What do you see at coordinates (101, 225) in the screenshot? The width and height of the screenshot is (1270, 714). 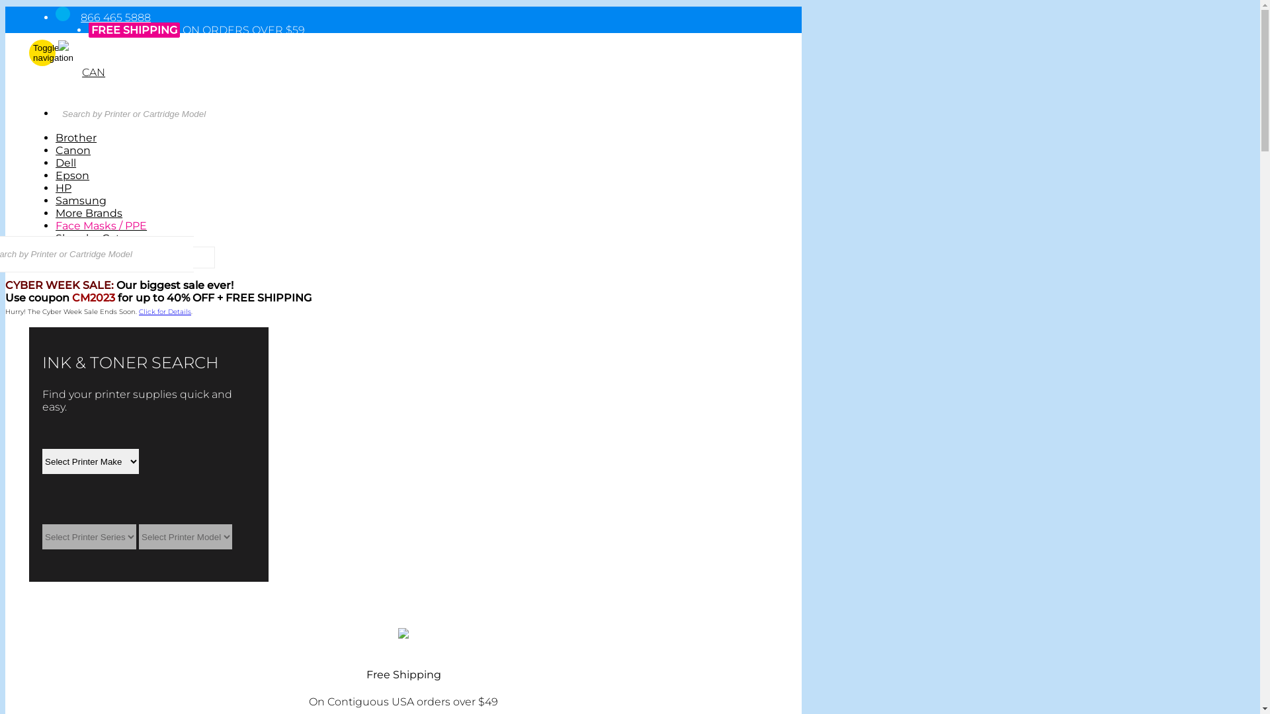 I see `'Face Masks / PPE'` at bounding box center [101, 225].